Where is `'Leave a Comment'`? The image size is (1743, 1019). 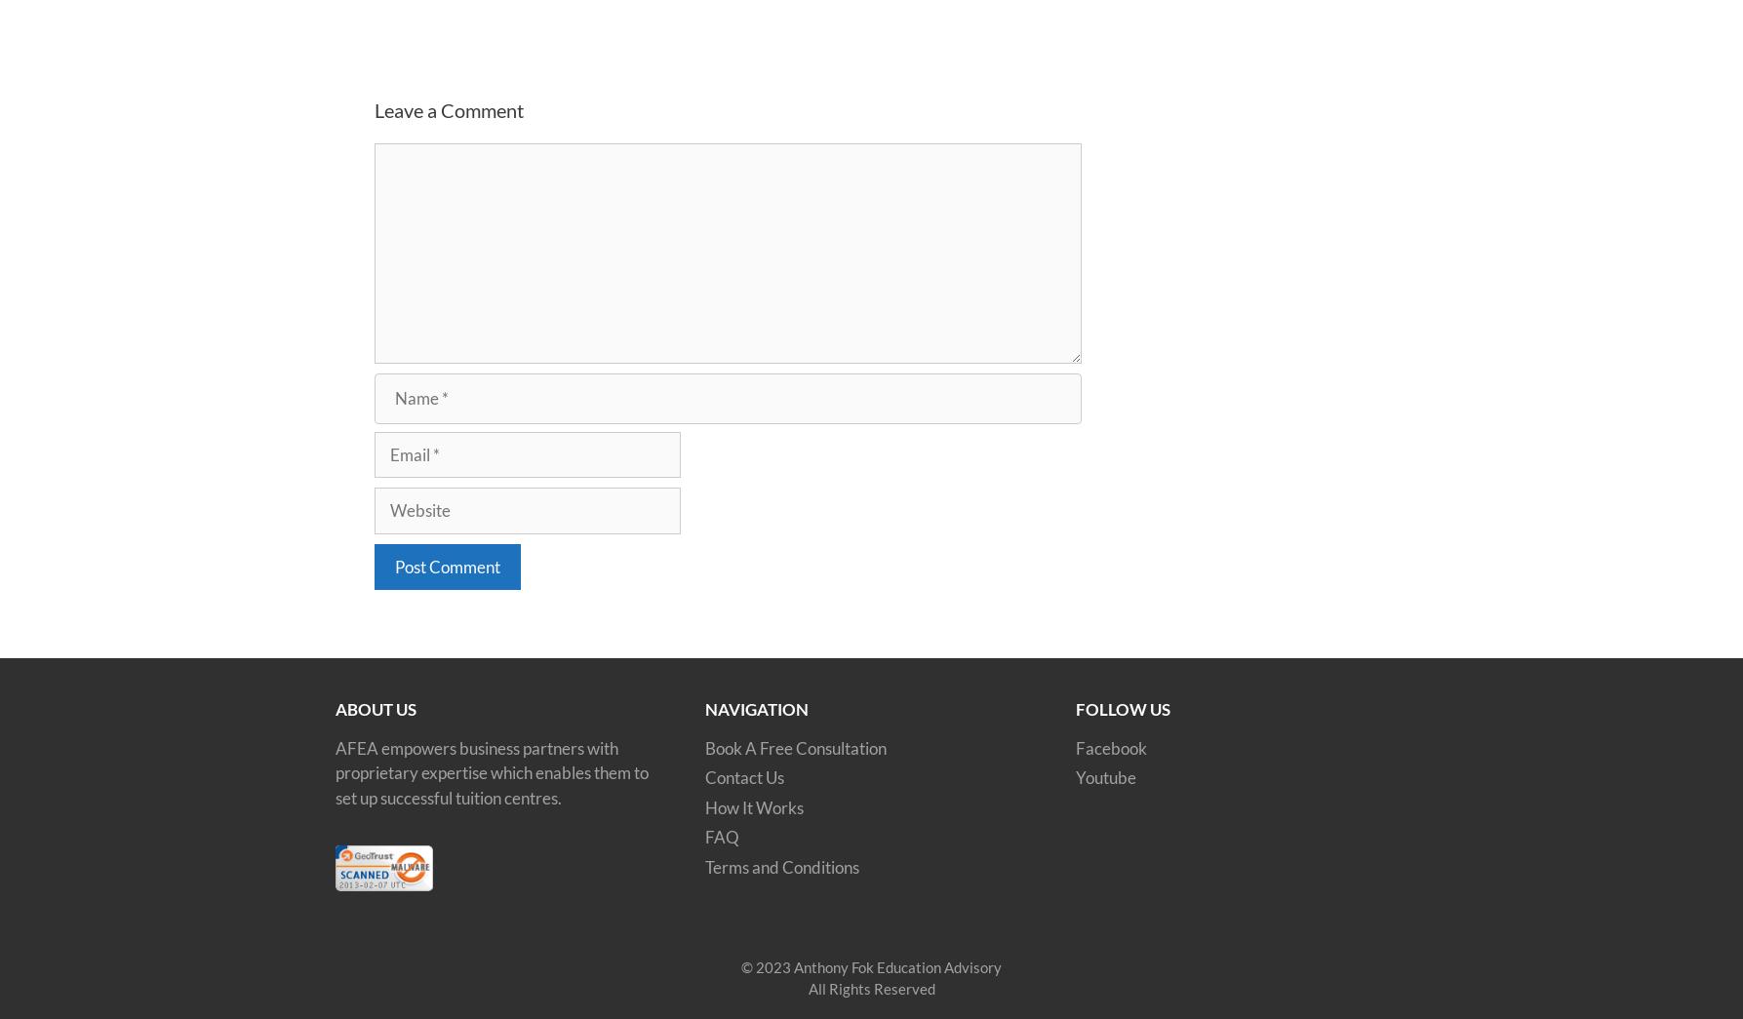 'Leave a Comment' is located at coordinates (448, 109).